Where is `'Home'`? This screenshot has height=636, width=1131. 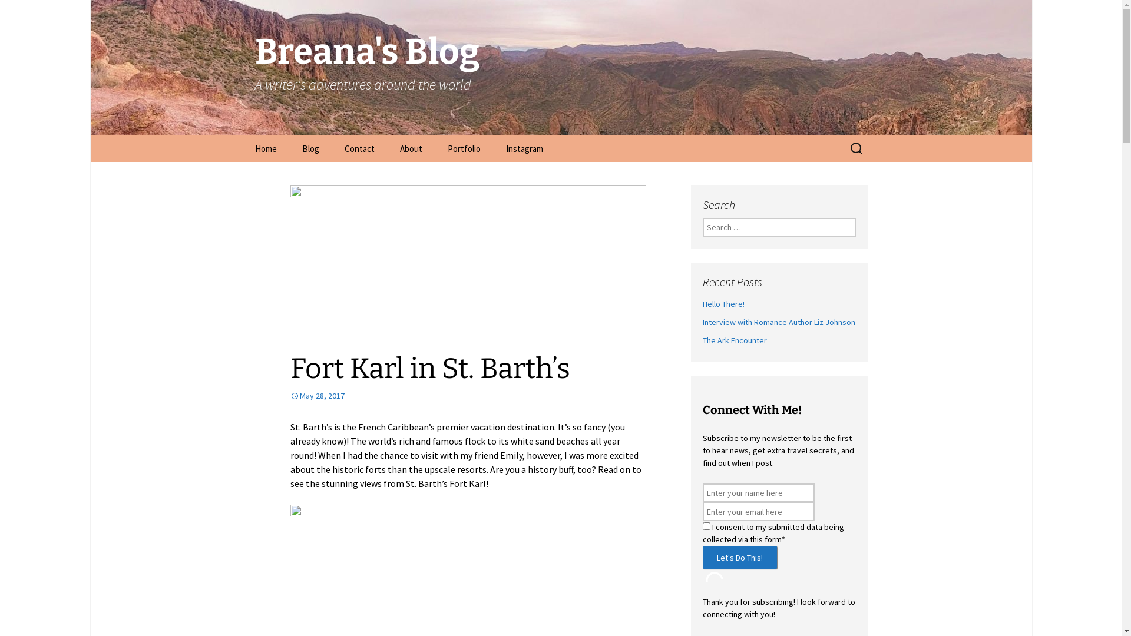 'Home' is located at coordinates (242, 148).